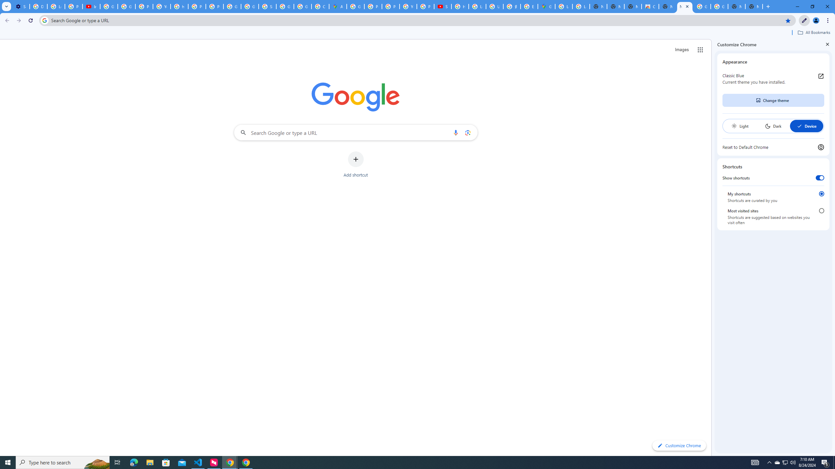 Image resolution: width=835 pixels, height=469 pixels. I want to click on 'Search by image', so click(468, 132).